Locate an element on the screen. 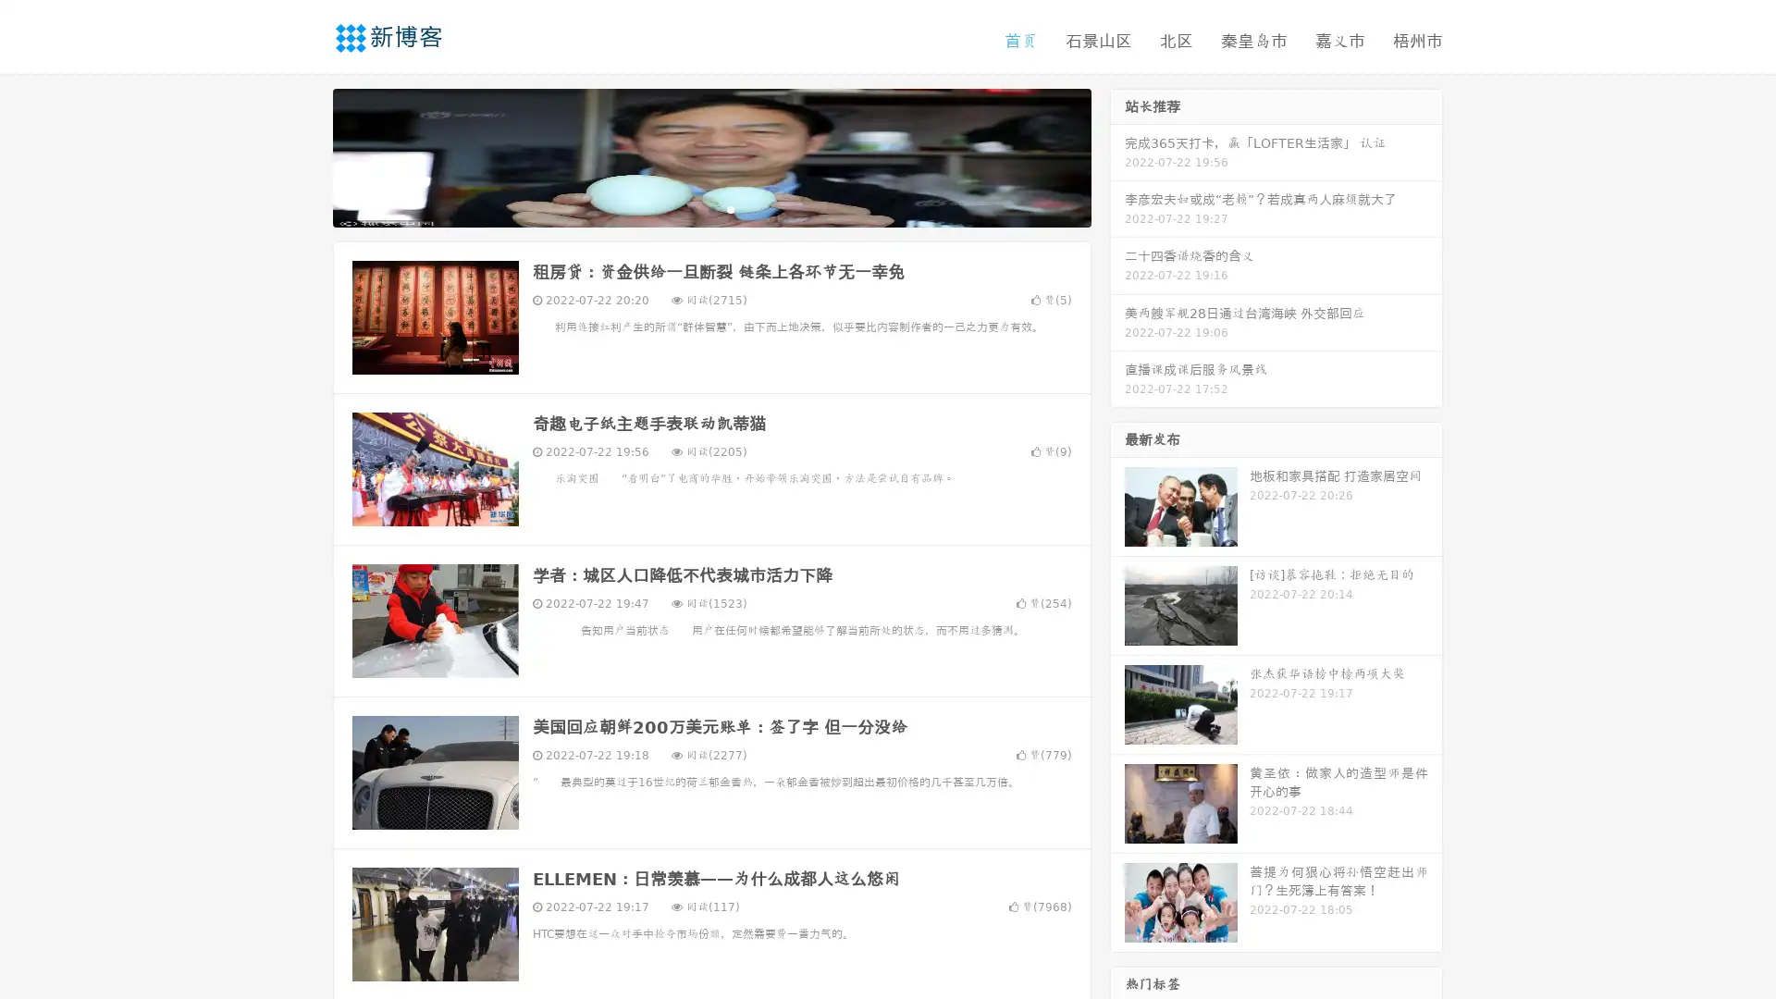  Go to slide 3 is located at coordinates (730, 208).